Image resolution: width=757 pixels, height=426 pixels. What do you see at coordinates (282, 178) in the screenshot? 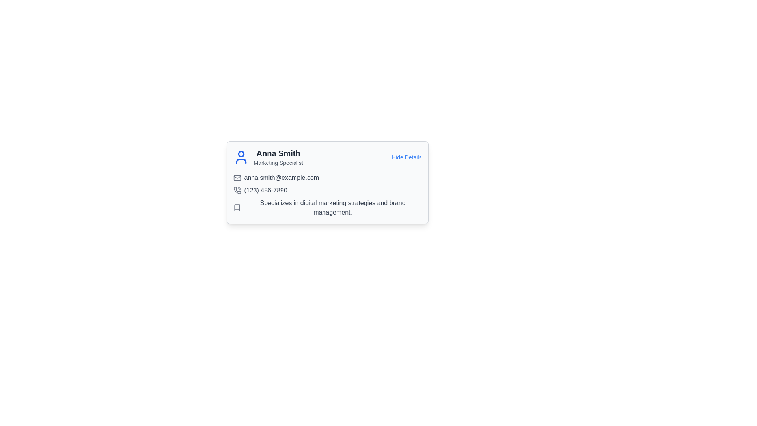
I see `the text label displaying the email address 'anna.smith@example.com' within the contact card interface, styled in gray and located beneath the name and job title` at bounding box center [282, 178].